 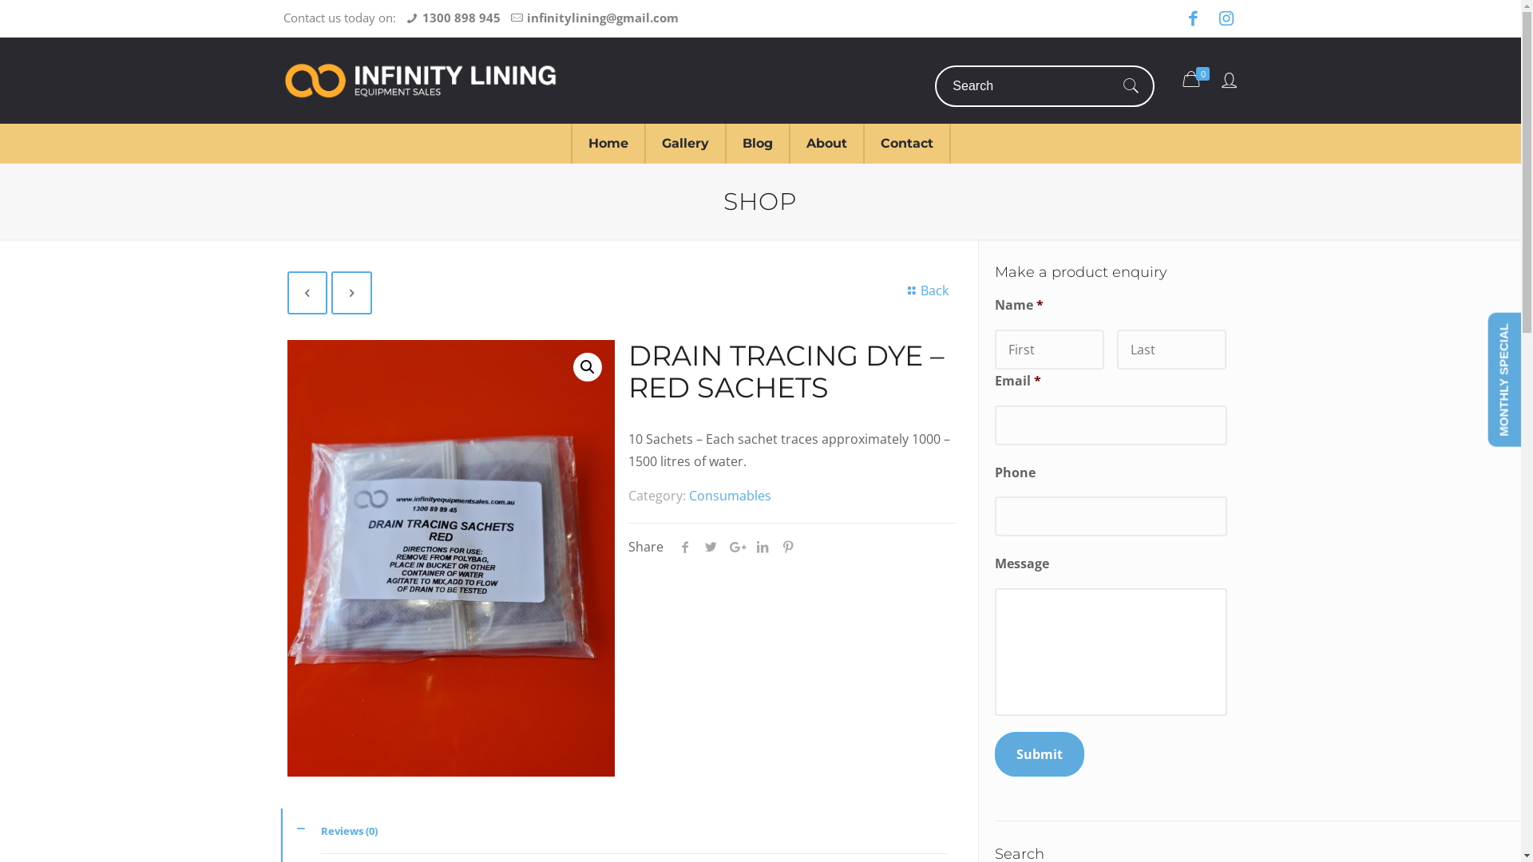 What do you see at coordinates (689, 495) in the screenshot?
I see `'Consumables'` at bounding box center [689, 495].